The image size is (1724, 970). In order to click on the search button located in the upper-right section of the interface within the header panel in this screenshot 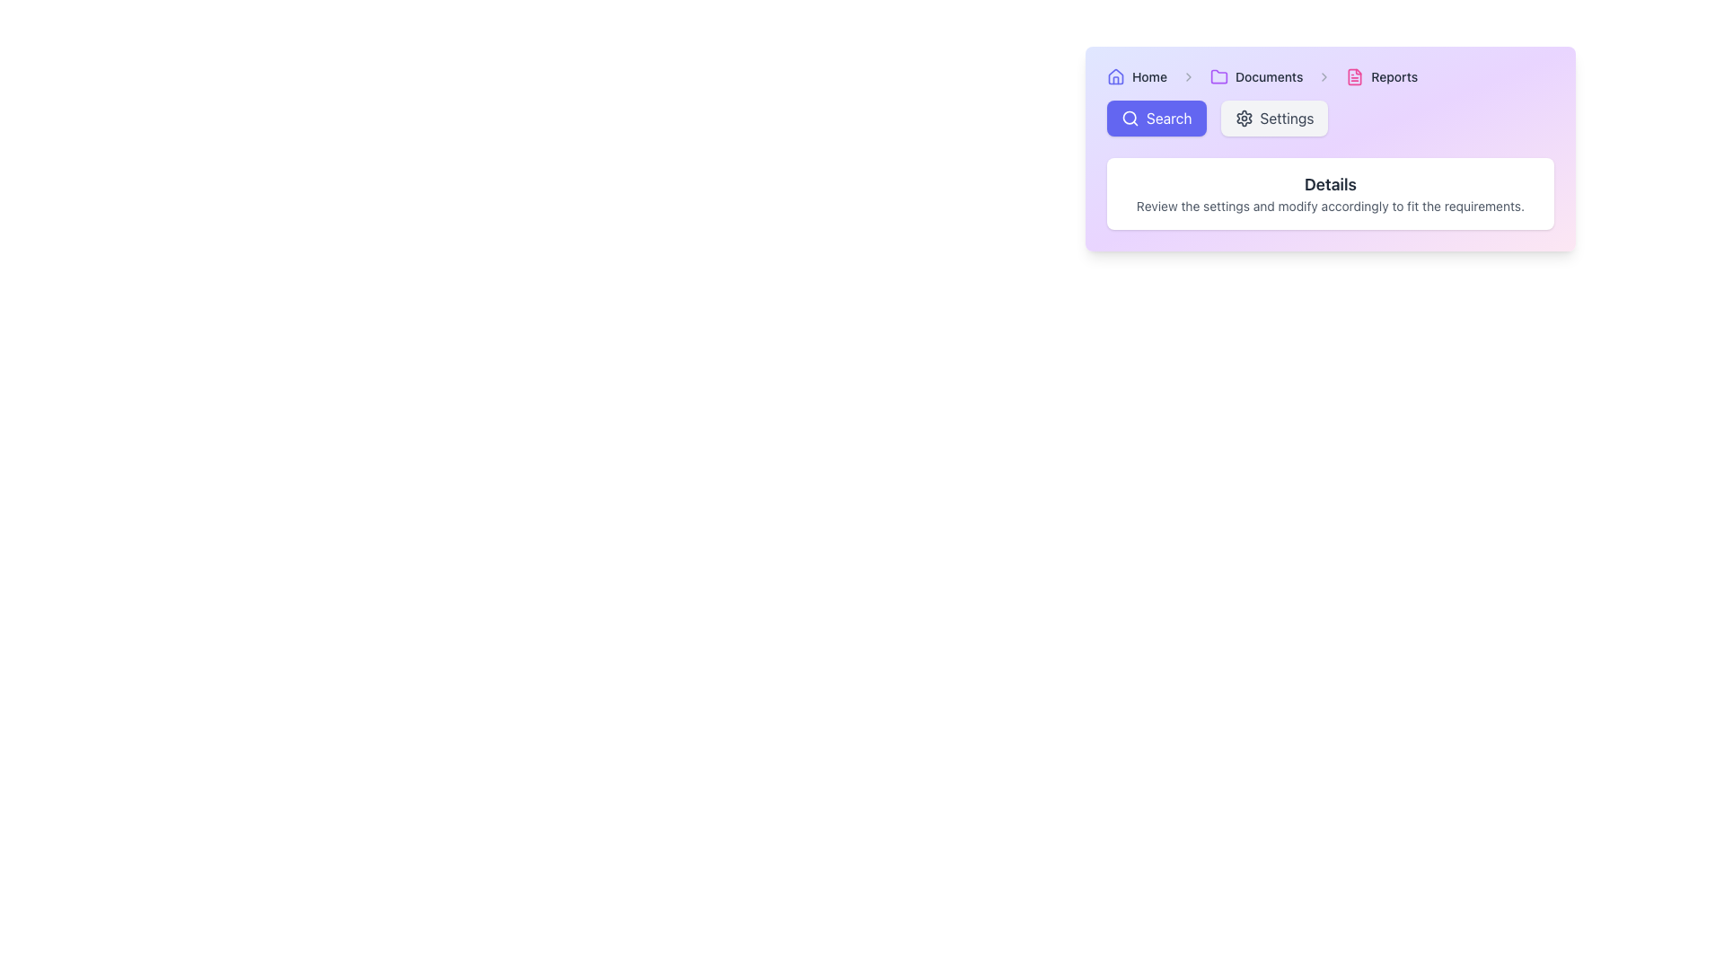, I will do `click(1156, 118)`.